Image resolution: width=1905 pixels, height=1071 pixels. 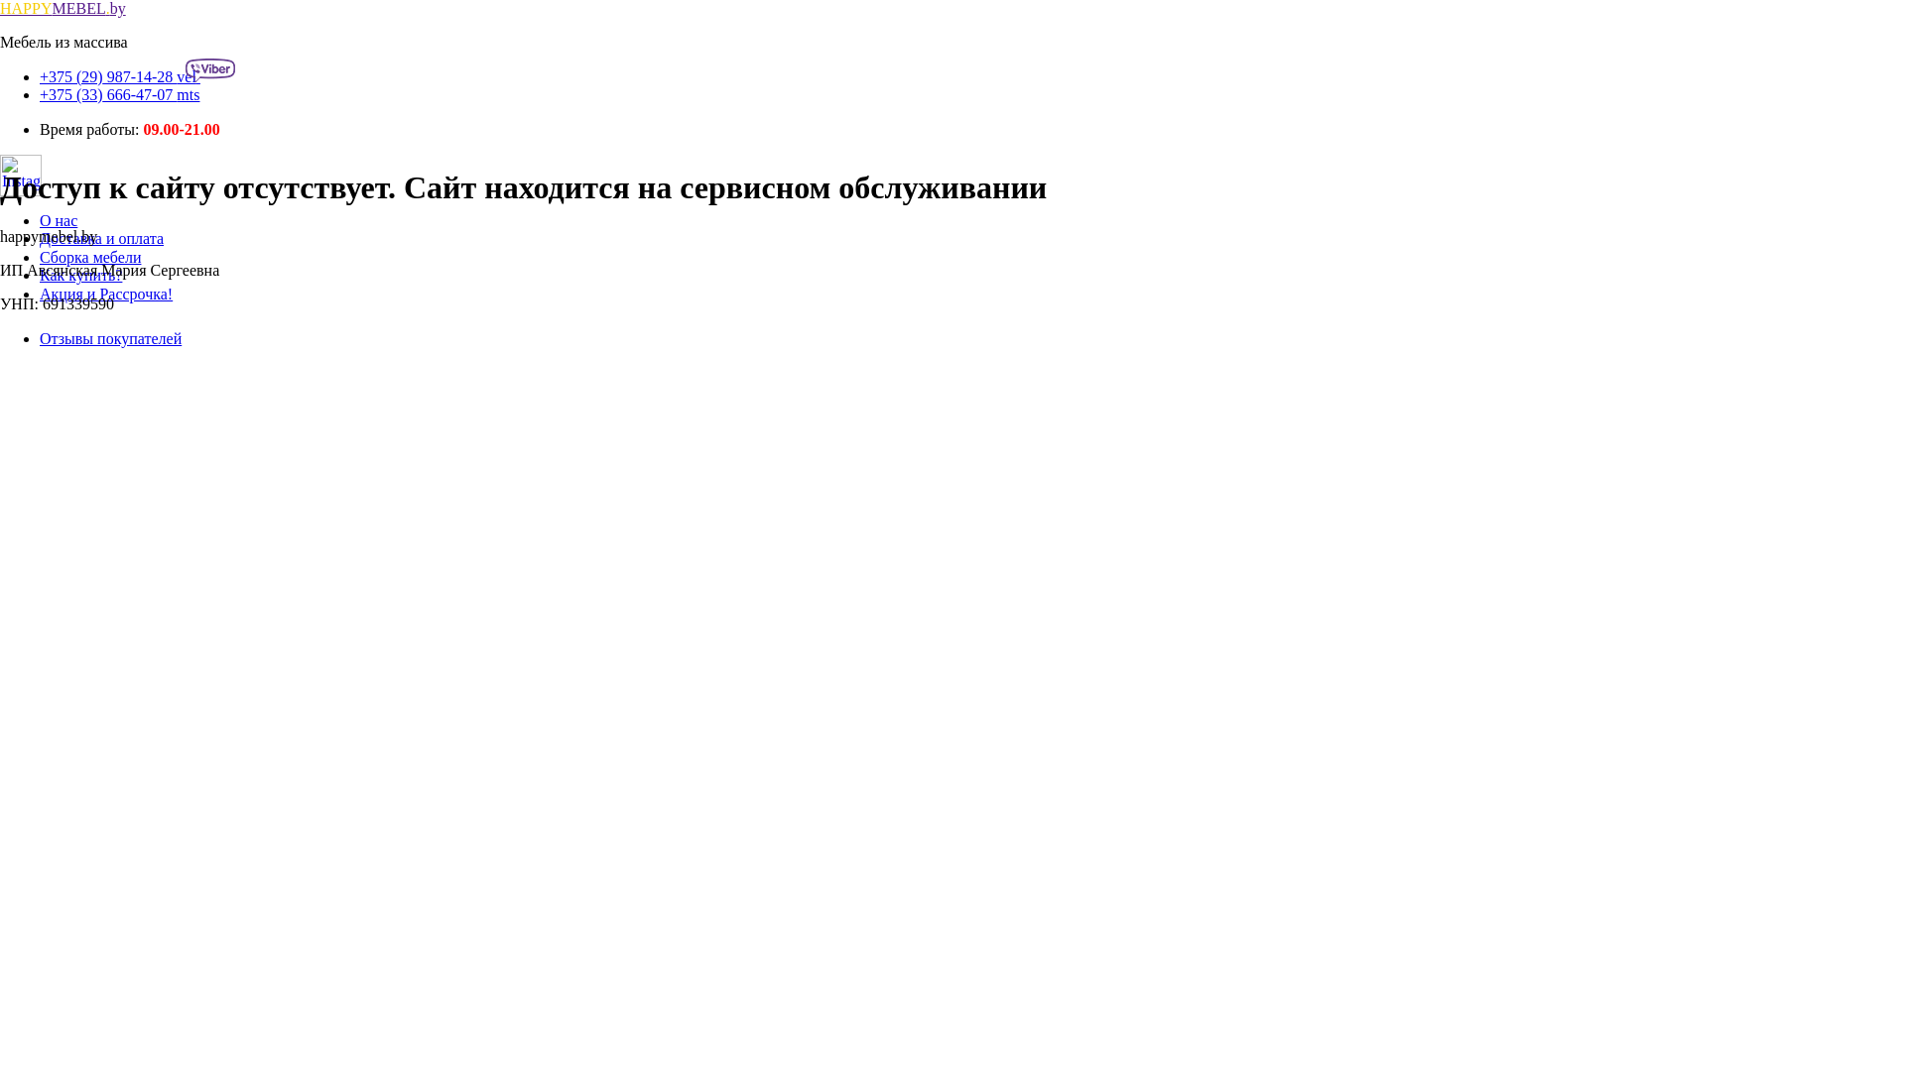 I want to click on 'HAPPYMEBEL.by', so click(x=63, y=8).